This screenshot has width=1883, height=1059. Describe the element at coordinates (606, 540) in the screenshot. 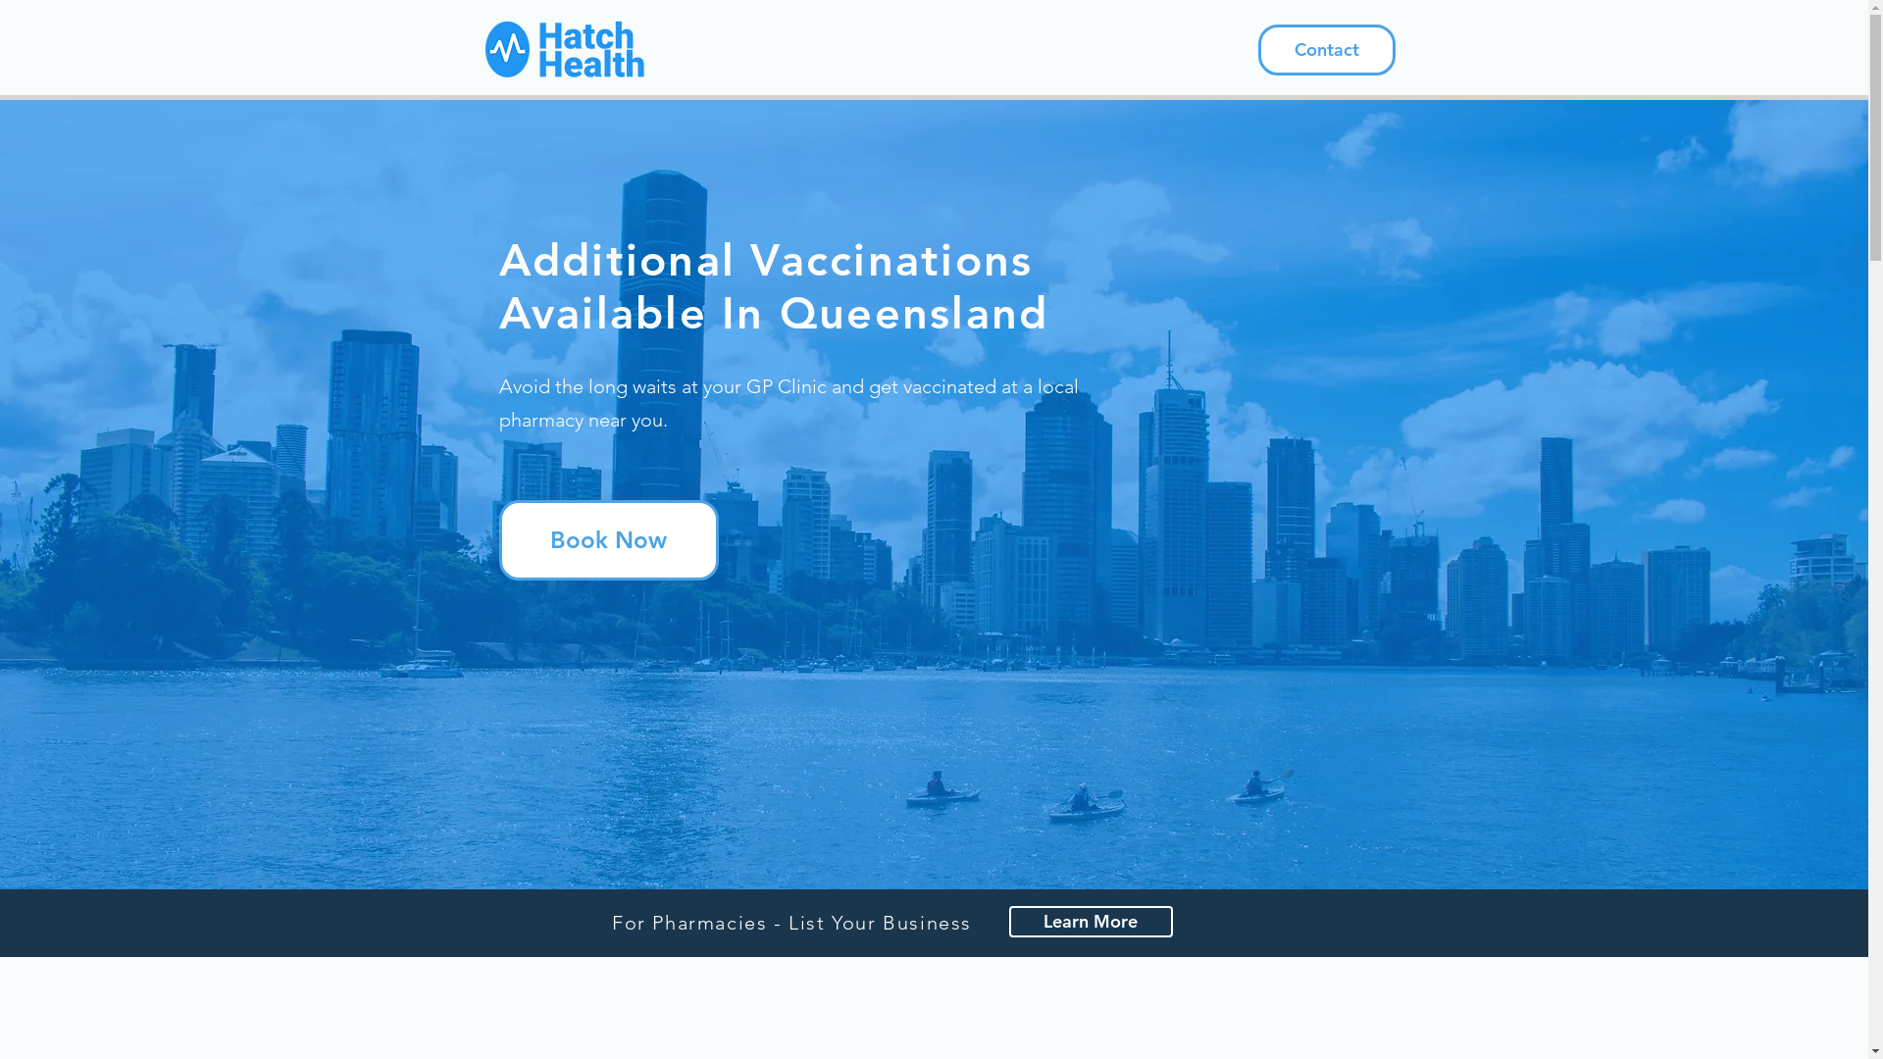

I see `'Book Now'` at that location.